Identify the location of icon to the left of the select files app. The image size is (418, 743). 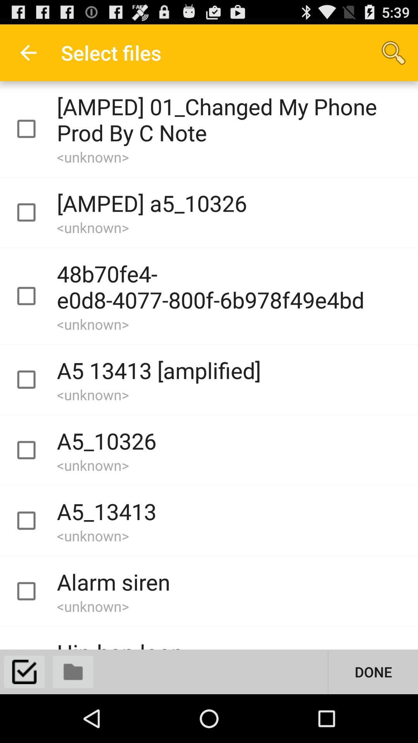
(28, 52).